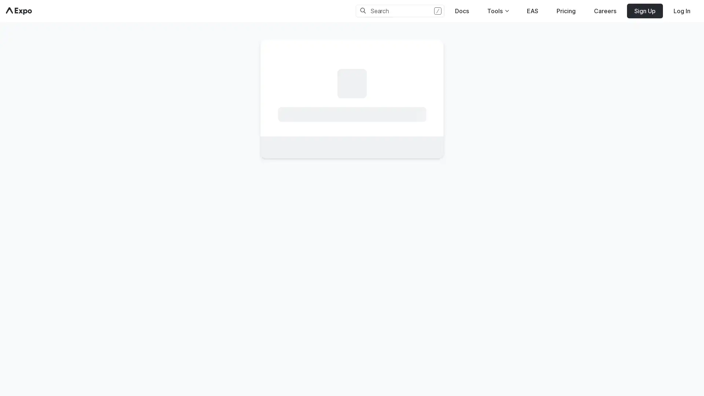  What do you see at coordinates (19, 11) in the screenshot?
I see `Word-mark-logo` at bounding box center [19, 11].